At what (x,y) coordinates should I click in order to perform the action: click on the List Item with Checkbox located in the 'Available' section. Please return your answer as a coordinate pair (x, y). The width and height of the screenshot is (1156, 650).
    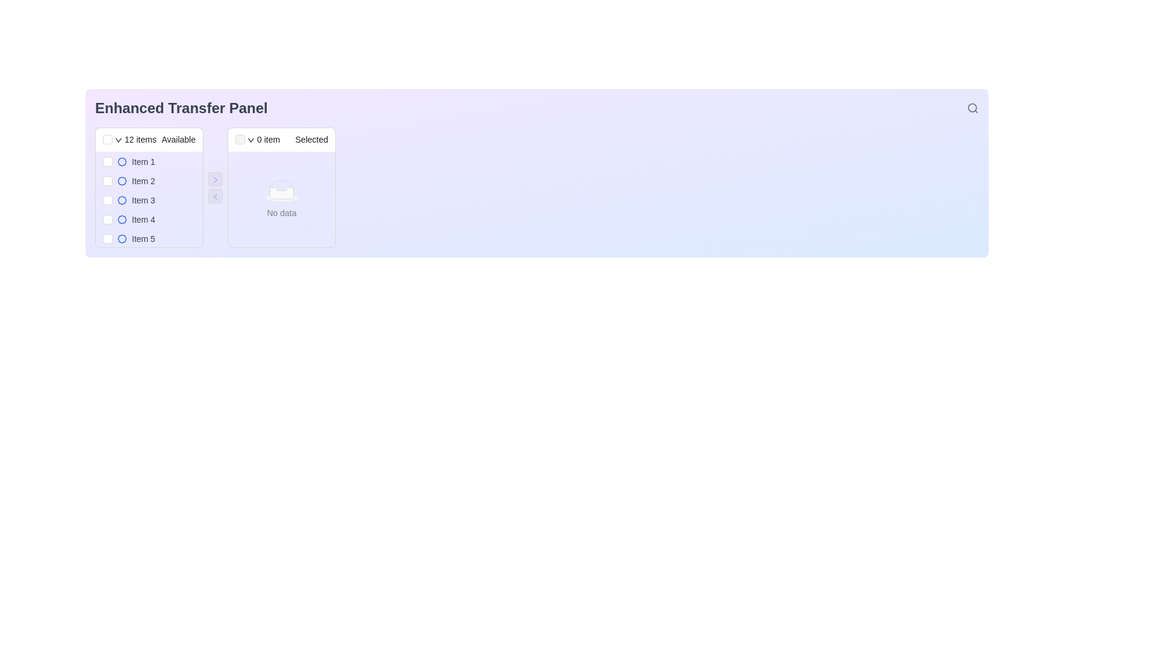
    Looking at the image, I should click on (149, 199).